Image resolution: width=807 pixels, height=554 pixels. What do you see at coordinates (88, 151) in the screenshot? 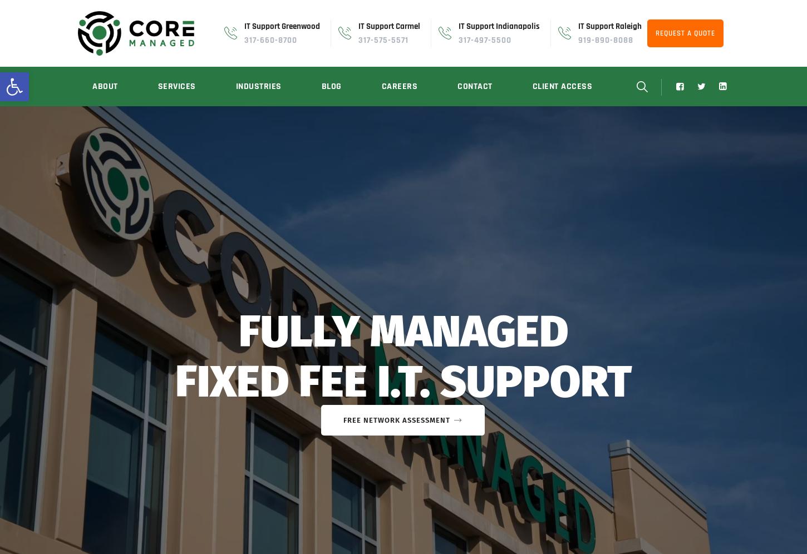
I see `'Our Team'` at bounding box center [88, 151].